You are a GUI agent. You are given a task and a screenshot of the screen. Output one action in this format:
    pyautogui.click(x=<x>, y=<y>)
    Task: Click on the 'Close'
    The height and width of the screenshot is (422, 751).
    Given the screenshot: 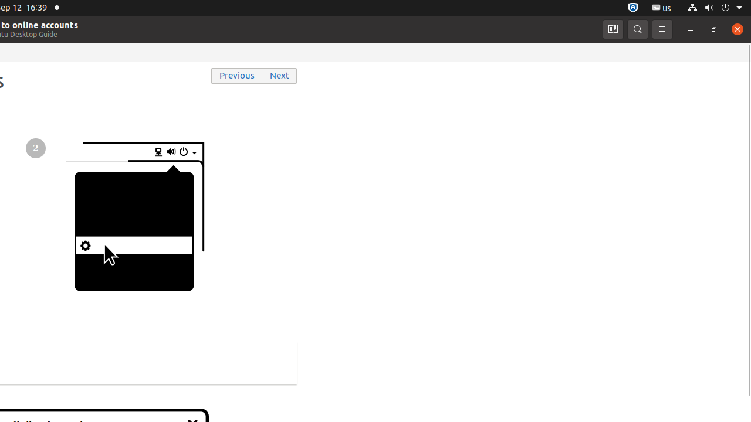 What is the action you would take?
    pyautogui.click(x=736, y=28)
    